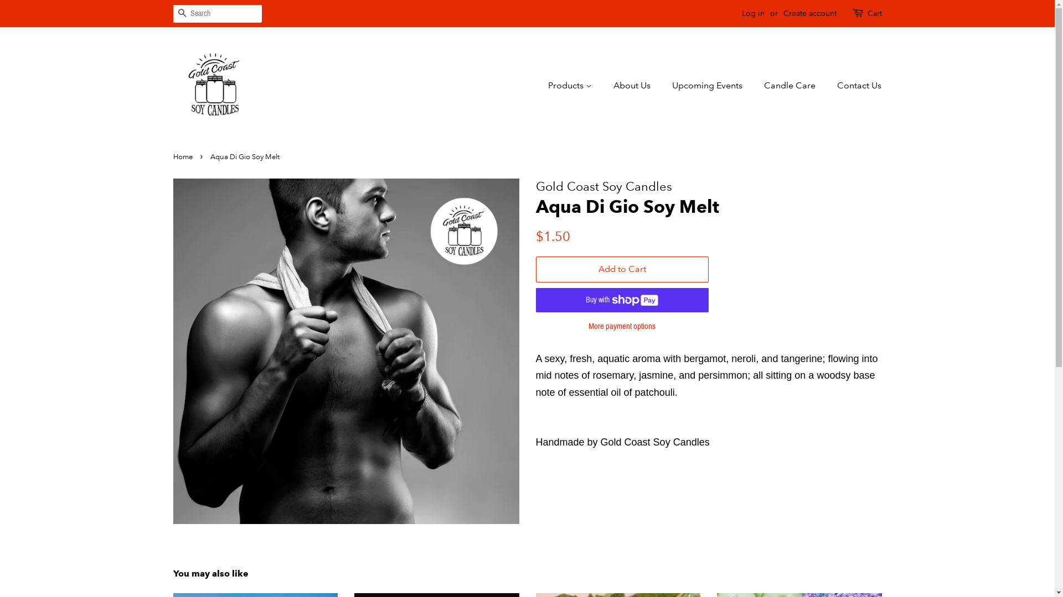  Describe the element at coordinates (172, 157) in the screenshot. I see `'Home'` at that location.